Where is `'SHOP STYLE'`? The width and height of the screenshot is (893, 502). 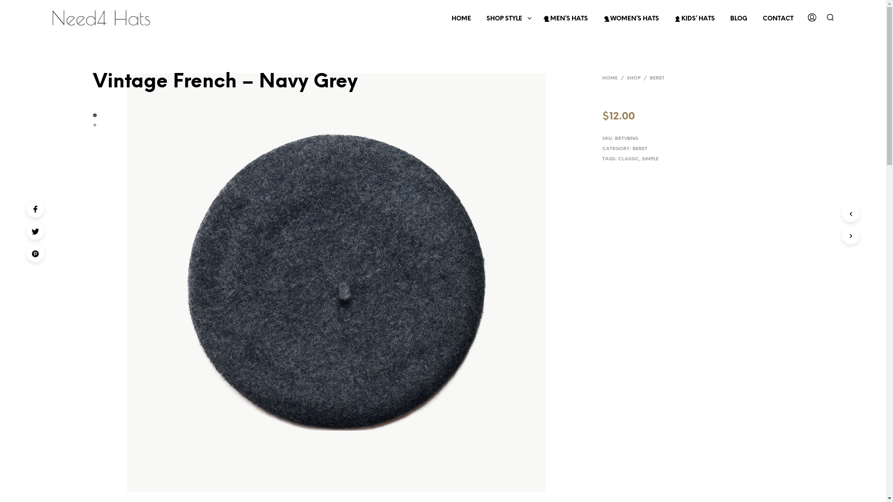
'SHOP STYLE' is located at coordinates (503, 19).